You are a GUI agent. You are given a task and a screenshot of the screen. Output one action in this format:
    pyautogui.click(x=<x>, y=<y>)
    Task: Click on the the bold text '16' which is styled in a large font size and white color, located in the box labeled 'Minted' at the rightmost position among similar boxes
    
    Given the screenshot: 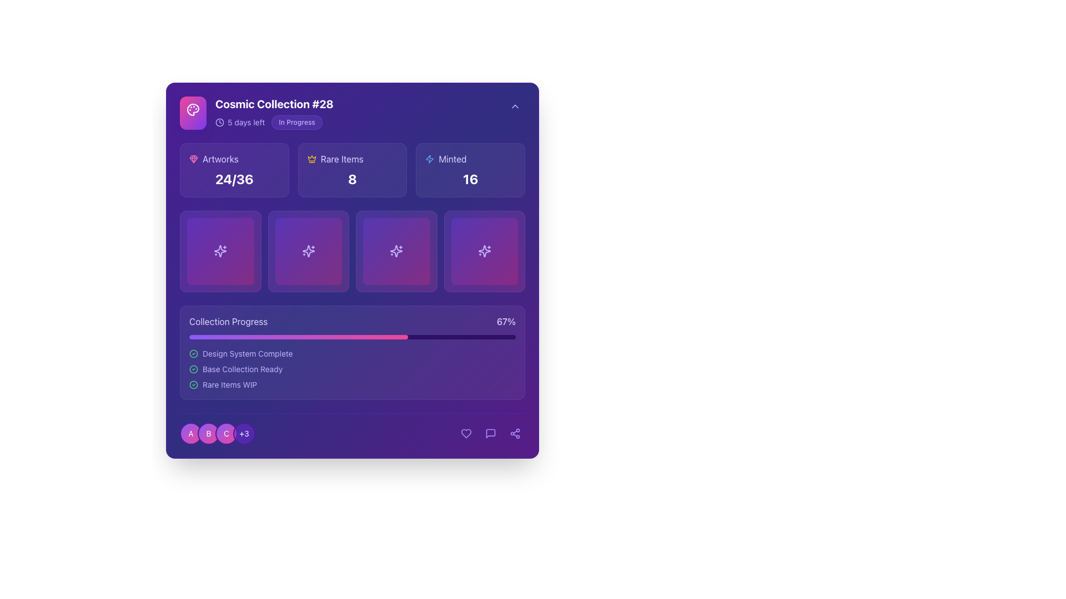 What is the action you would take?
    pyautogui.click(x=470, y=179)
    